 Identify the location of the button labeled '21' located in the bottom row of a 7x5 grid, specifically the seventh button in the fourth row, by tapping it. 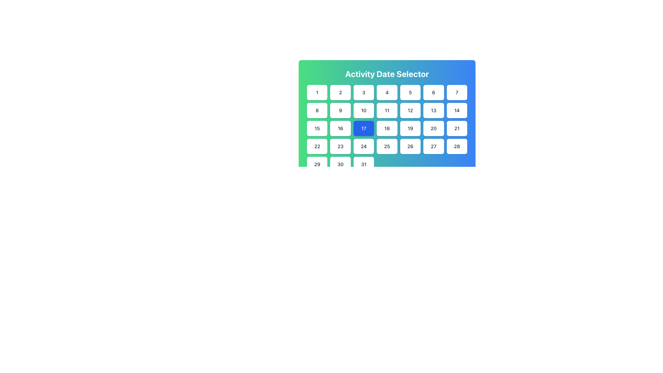
(457, 128).